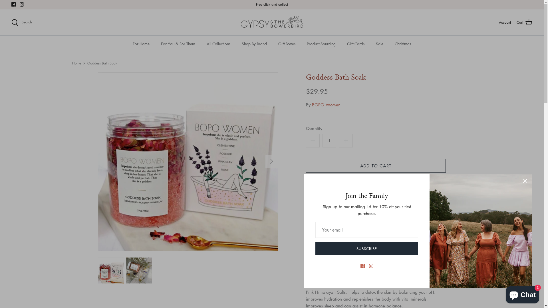 This screenshot has height=308, width=548. What do you see at coordinates (11, 22) in the screenshot?
I see `'Search'` at bounding box center [11, 22].